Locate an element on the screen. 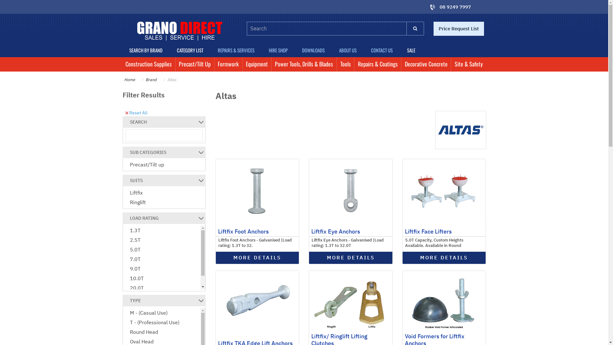 The image size is (613, 345). 'Construction Supplies' is located at coordinates (122, 64).